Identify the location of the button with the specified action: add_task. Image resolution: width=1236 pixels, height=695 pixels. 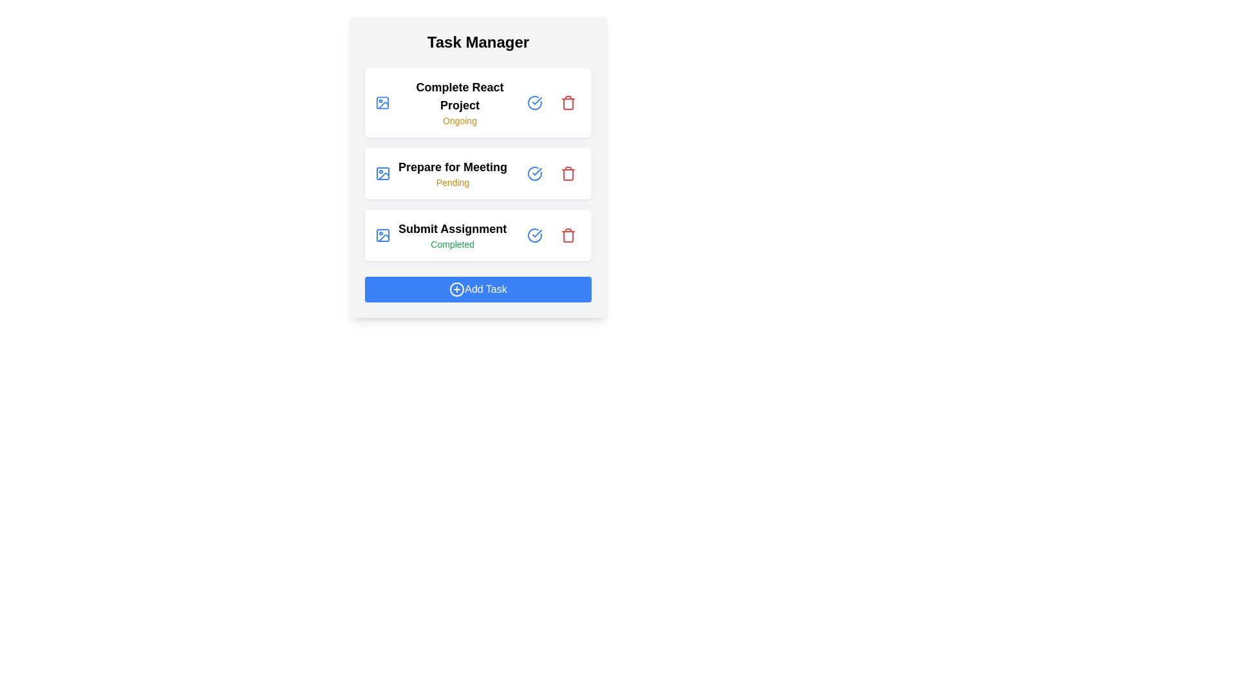
(478, 290).